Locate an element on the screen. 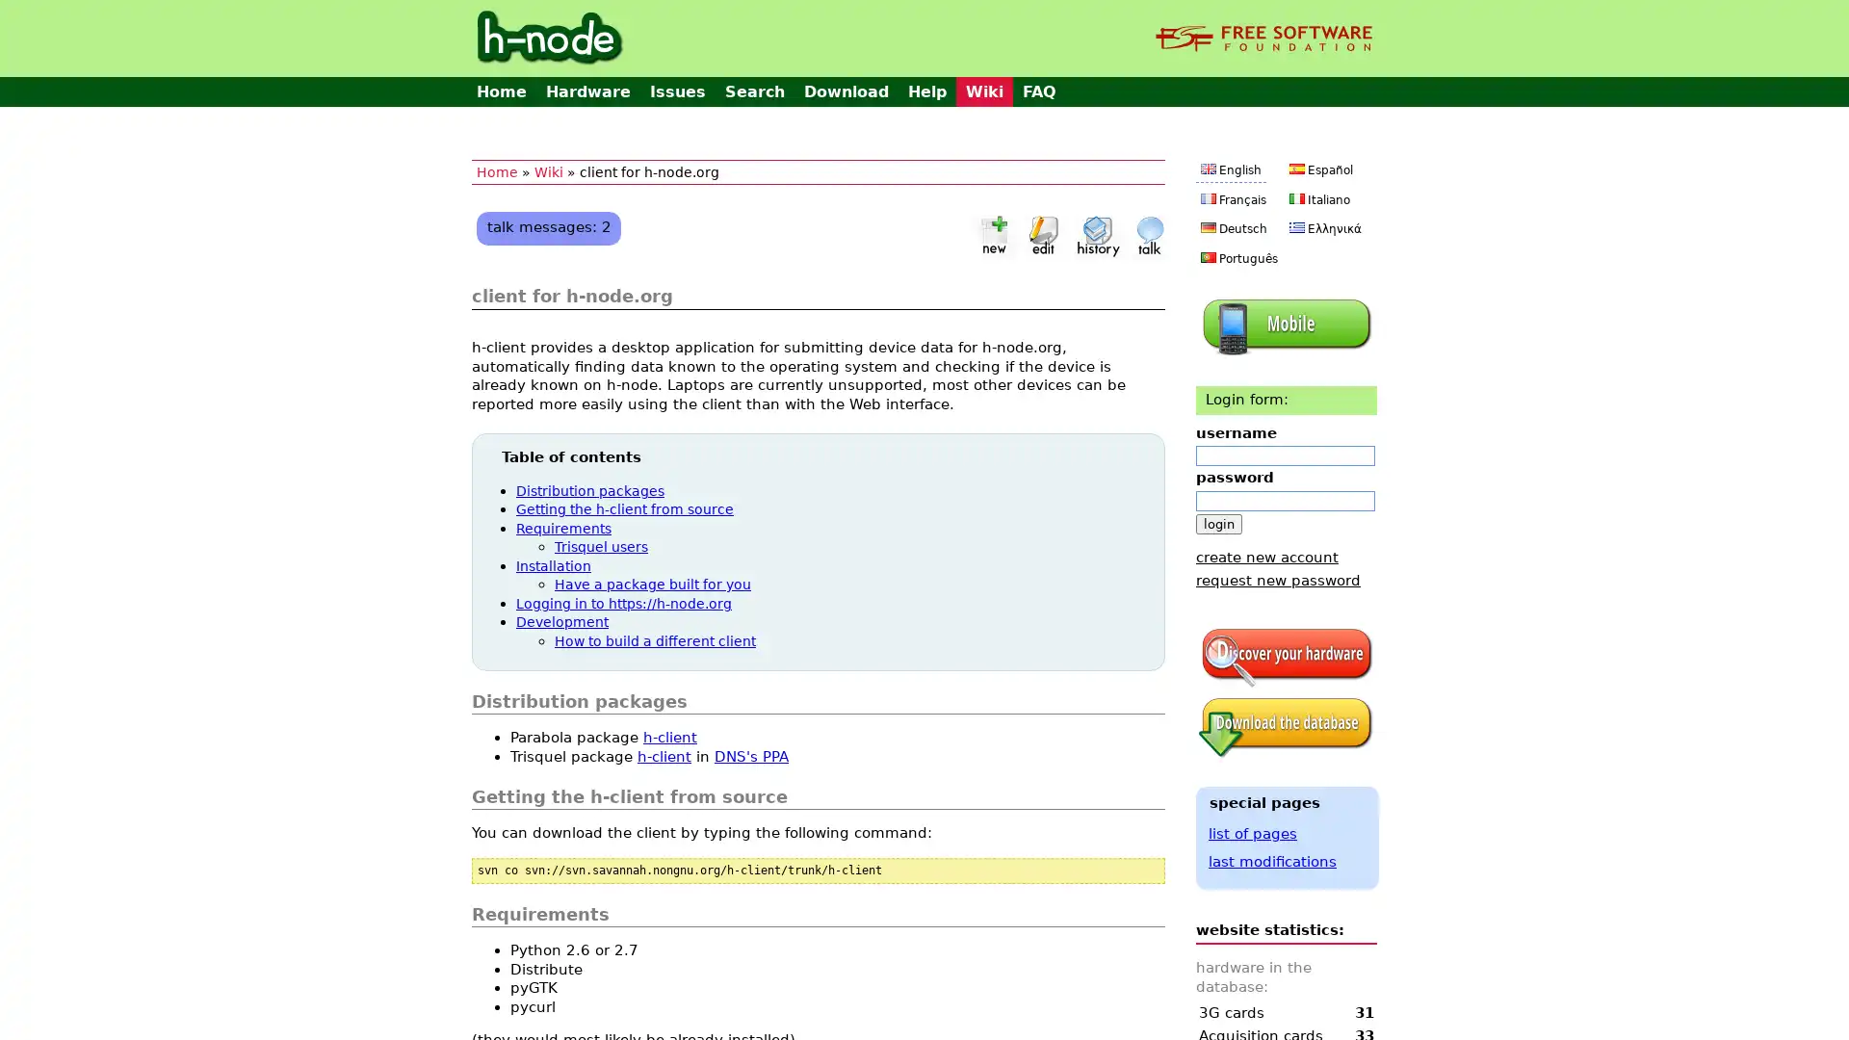  xedit is located at coordinates (1043, 234).